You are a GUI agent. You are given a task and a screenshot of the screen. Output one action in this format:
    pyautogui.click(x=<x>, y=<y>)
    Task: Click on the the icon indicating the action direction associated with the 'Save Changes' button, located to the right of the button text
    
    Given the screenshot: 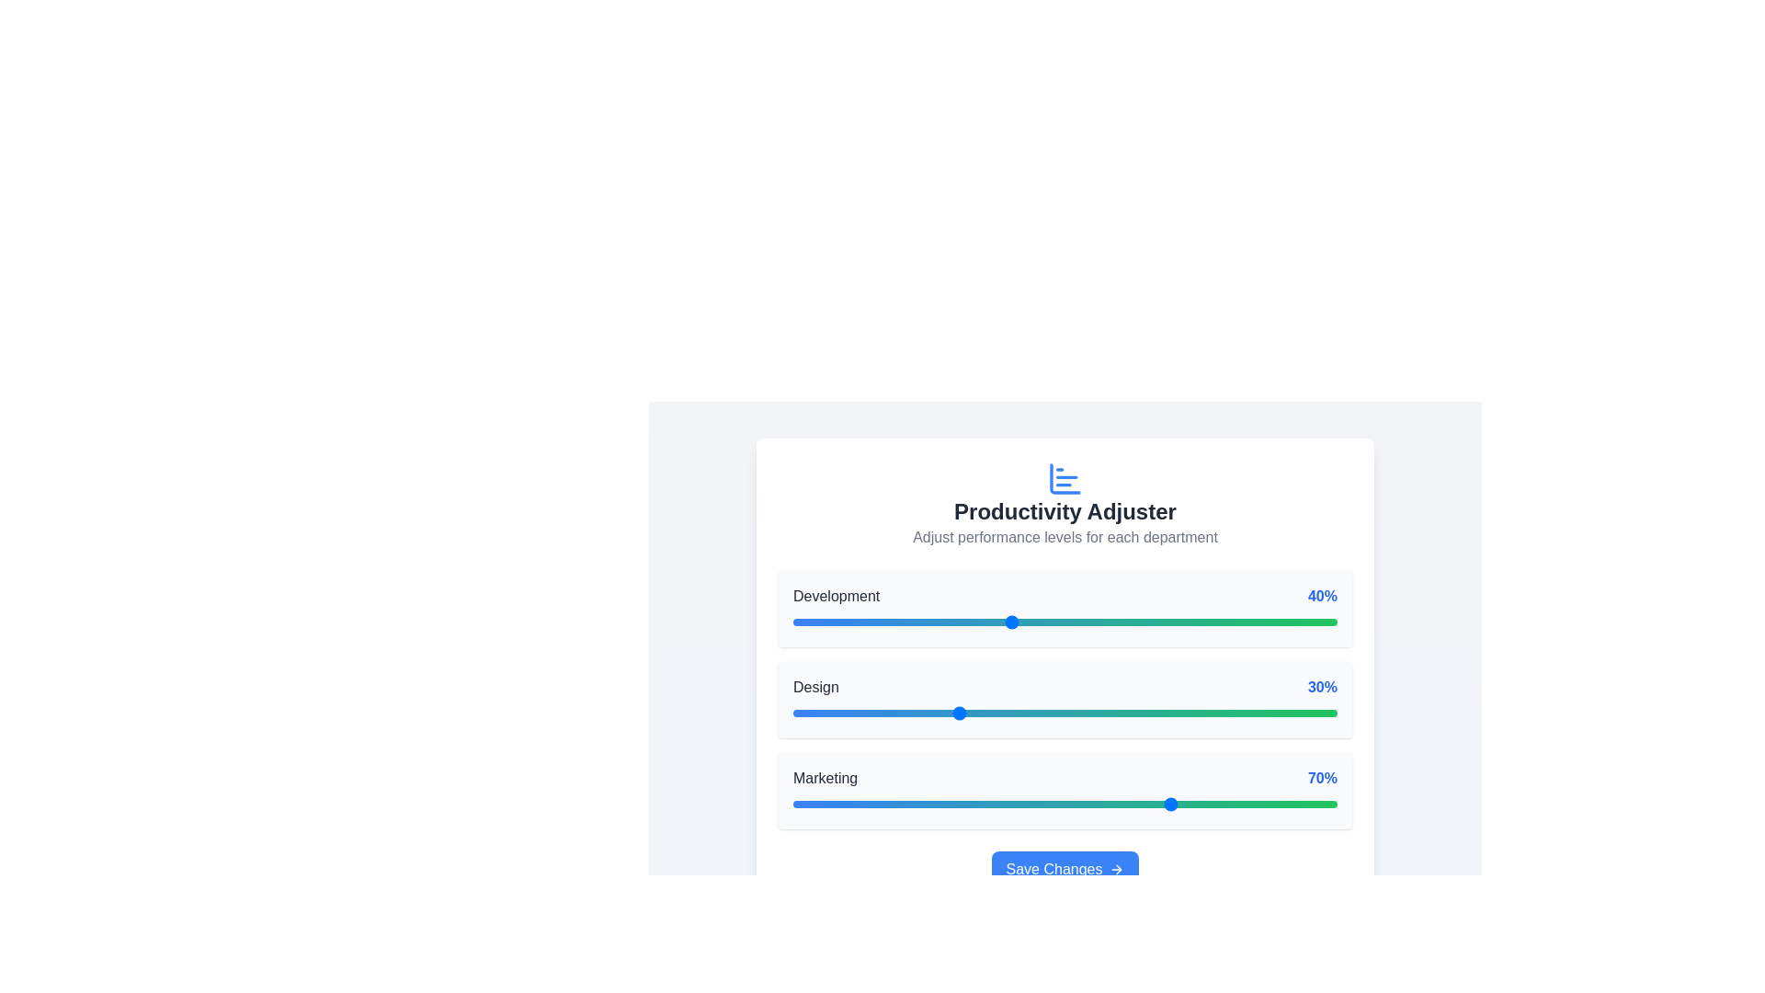 What is the action you would take?
    pyautogui.click(x=1118, y=869)
    